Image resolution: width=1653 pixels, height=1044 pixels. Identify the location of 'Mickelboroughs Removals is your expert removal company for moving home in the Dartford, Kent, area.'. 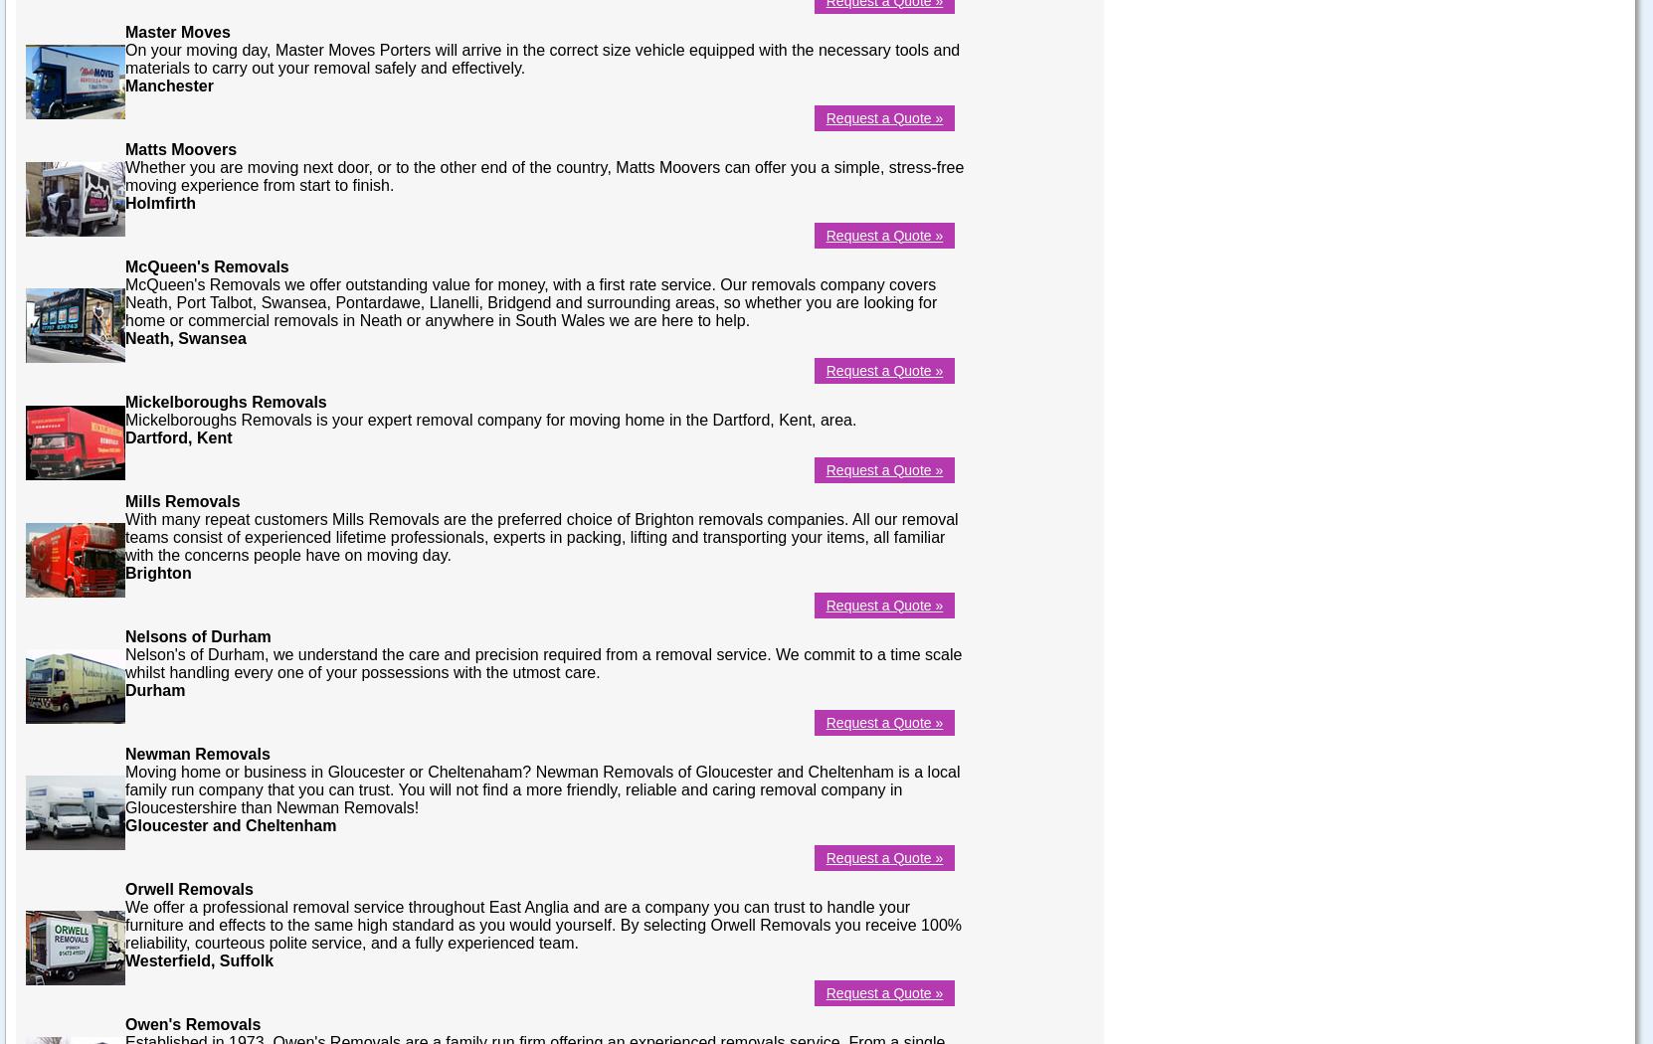
(490, 418).